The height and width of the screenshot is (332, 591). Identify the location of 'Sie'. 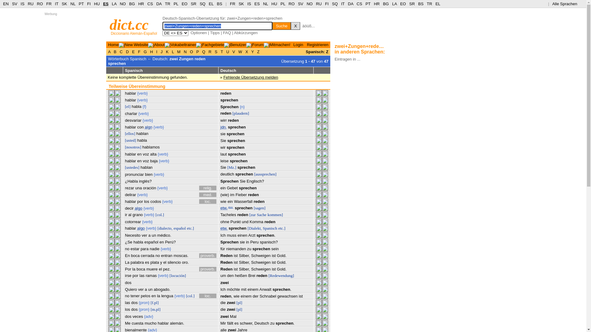
(223, 140).